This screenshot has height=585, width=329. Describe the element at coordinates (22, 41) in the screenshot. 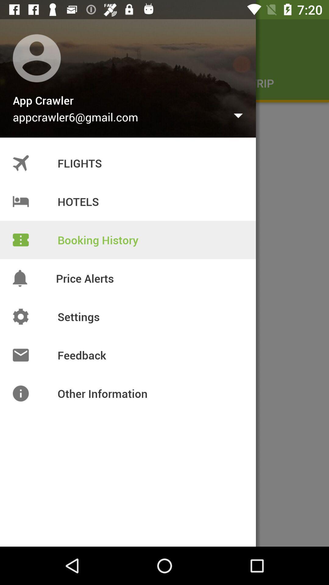

I see `the avatar icon` at that location.